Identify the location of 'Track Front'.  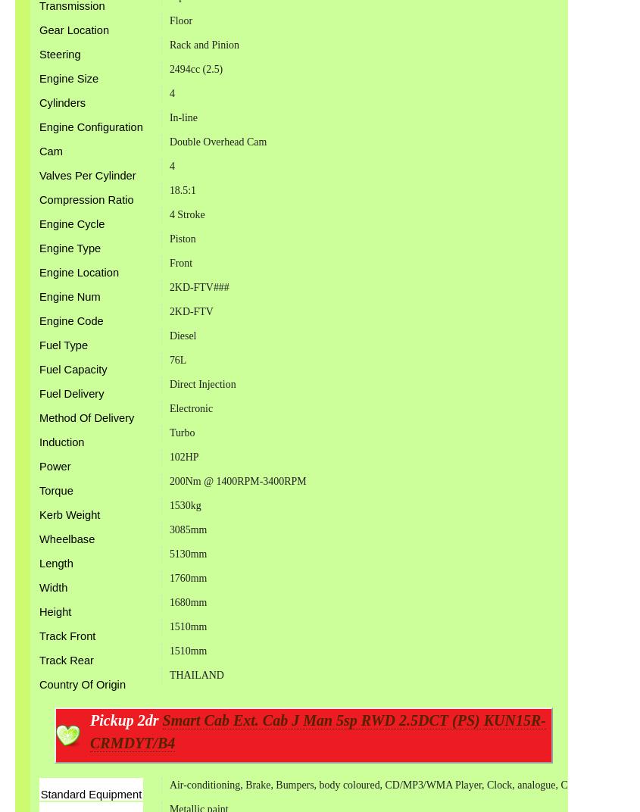
(67, 634).